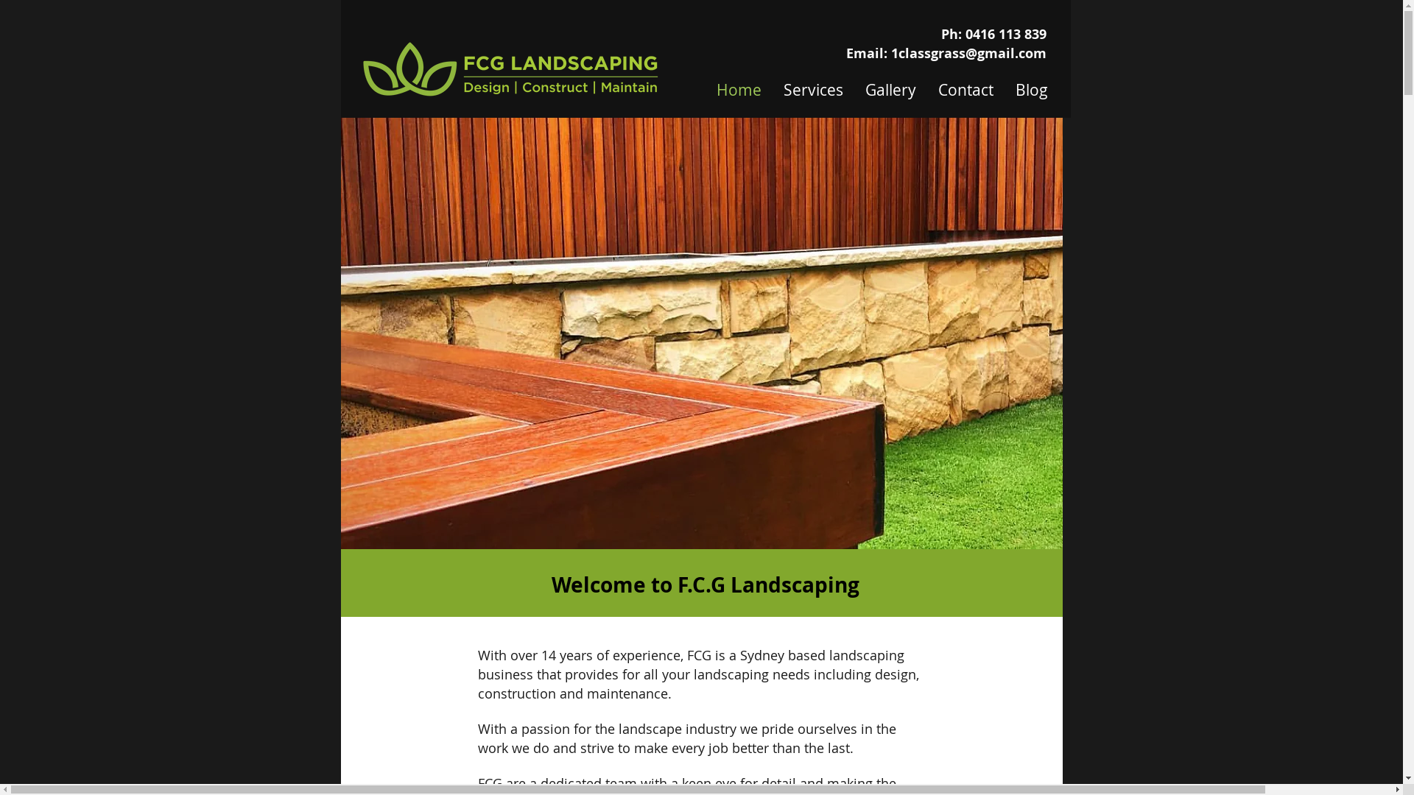  I want to click on 'Home', so click(705, 87).